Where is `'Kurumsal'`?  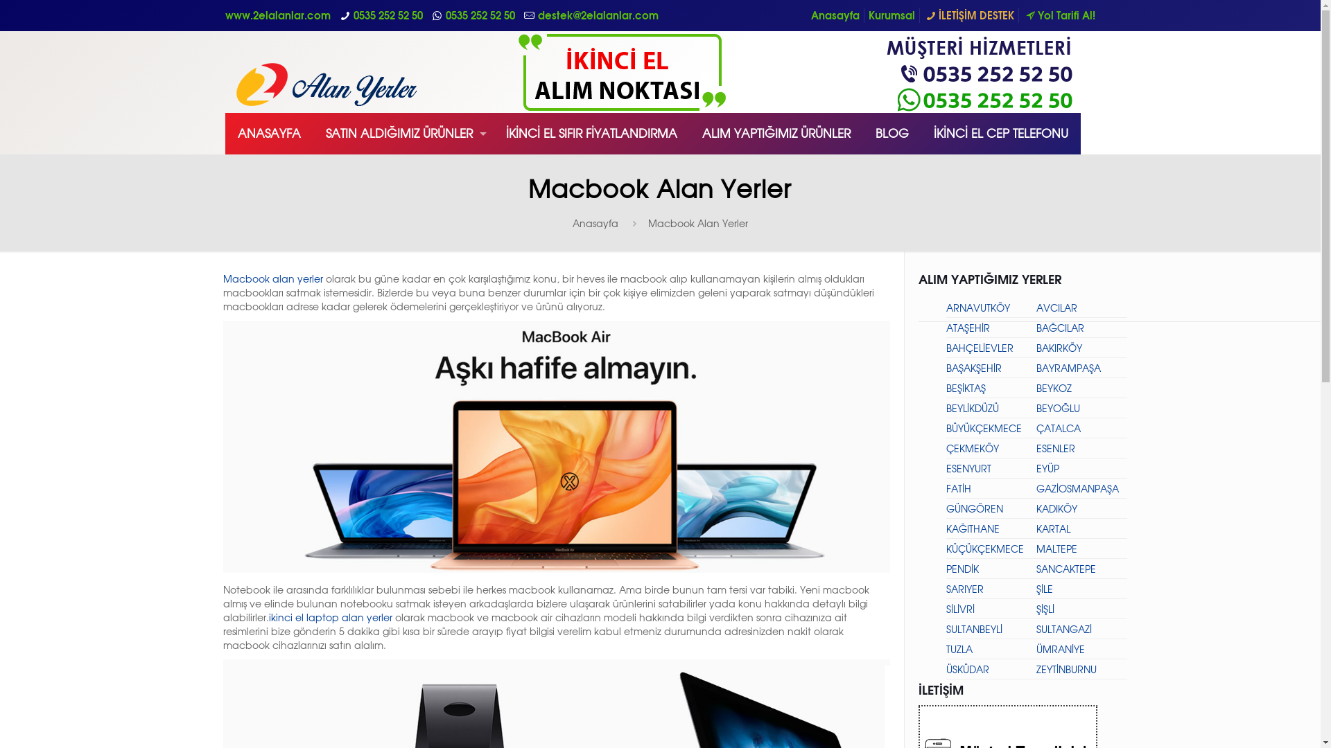
'Kurumsal' is located at coordinates (867, 15).